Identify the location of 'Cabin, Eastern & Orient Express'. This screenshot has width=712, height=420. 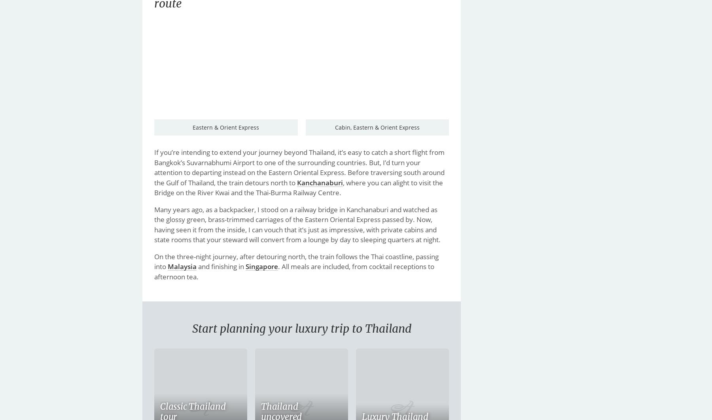
(376, 127).